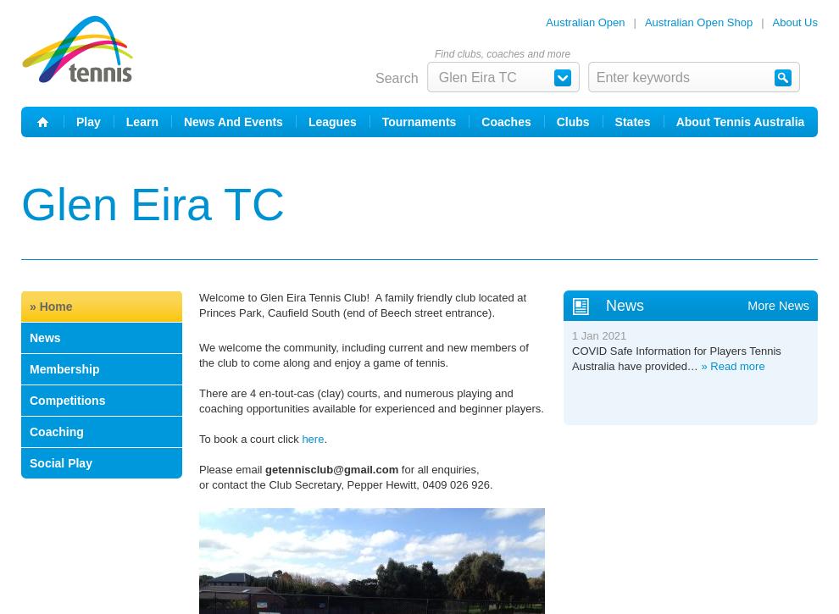  What do you see at coordinates (331, 469) in the screenshot?
I see `'getennisclub@gmail.com'` at bounding box center [331, 469].